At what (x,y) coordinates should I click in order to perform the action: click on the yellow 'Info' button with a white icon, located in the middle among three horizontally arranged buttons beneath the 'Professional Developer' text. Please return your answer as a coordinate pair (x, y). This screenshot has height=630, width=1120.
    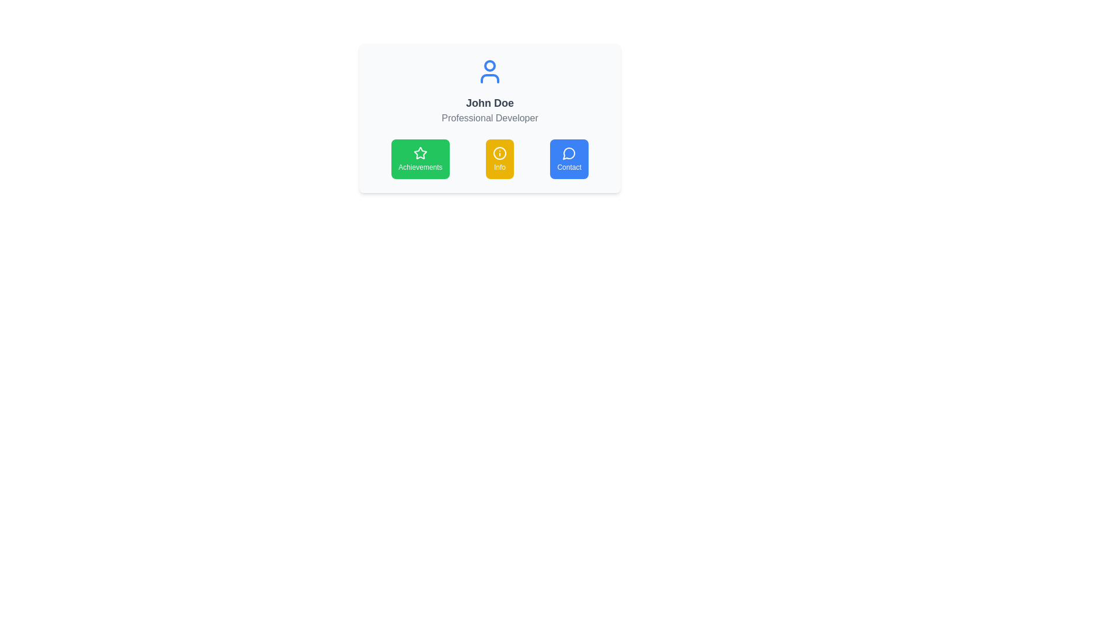
    Looking at the image, I should click on (490, 159).